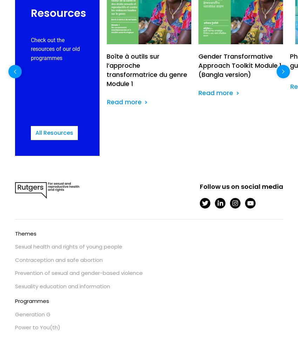  Describe the element at coordinates (14, 259) in the screenshot. I see `'Contraception and safe abortion'` at that location.